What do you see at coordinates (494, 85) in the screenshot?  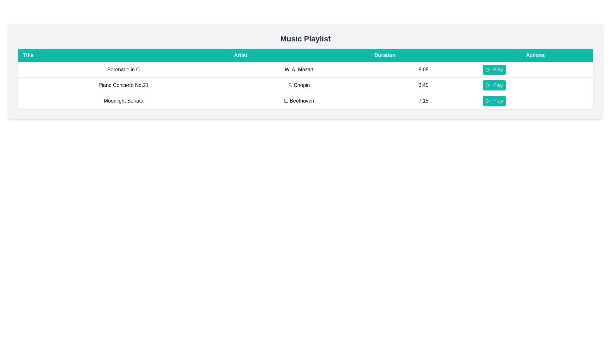 I see `the 'Play' button with a teal background and a white label reading 'Play', which is horizontally aligned with the 'Piano Concerto No.21' entry in the 'Title' column` at bounding box center [494, 85].